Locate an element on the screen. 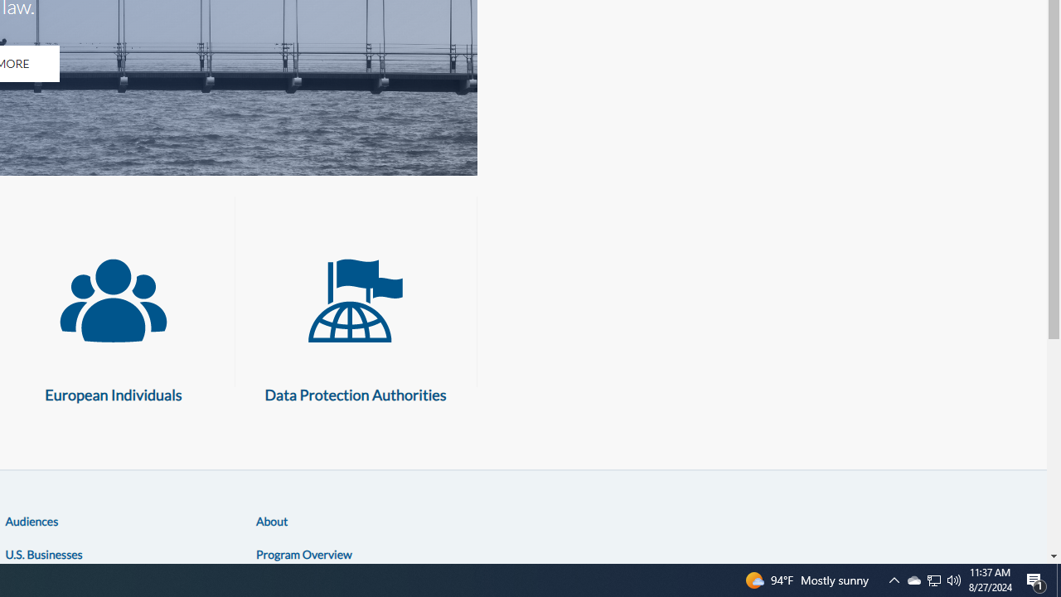  'European Individuals' is located at coordinates (112, 301).